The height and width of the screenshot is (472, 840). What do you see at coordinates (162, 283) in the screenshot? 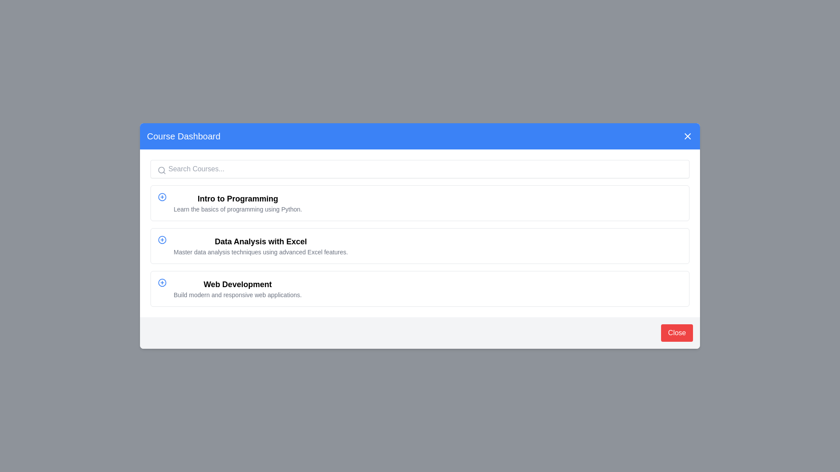
I see `the circular plus icon button located in the top-left corner of the 'Web Development' item in the list` at bounding box center [162, 283].